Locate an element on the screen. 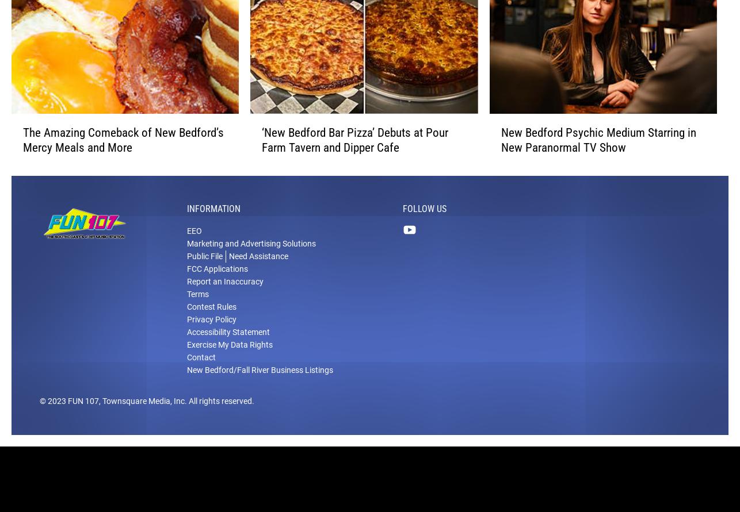 Image resolution: width=740 pixels, height=512 pixels. 'Contact' is located at coordinates (201, 372).